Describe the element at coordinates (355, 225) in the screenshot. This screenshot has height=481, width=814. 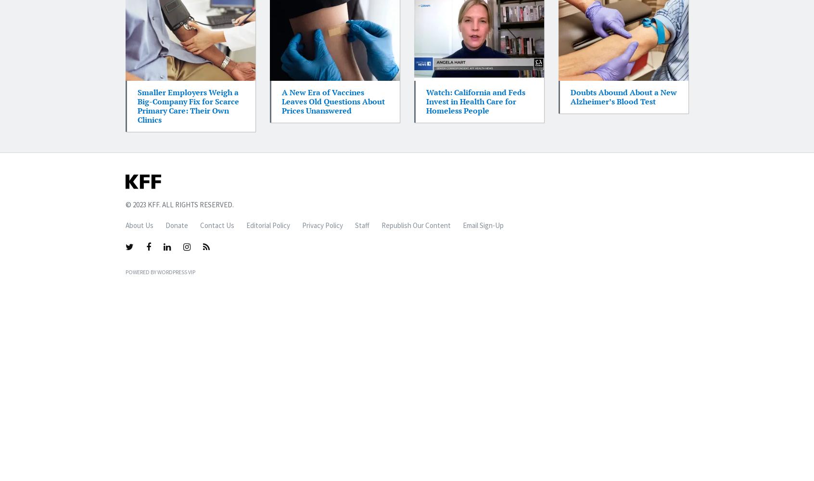
I see `'Staff'` at that location.